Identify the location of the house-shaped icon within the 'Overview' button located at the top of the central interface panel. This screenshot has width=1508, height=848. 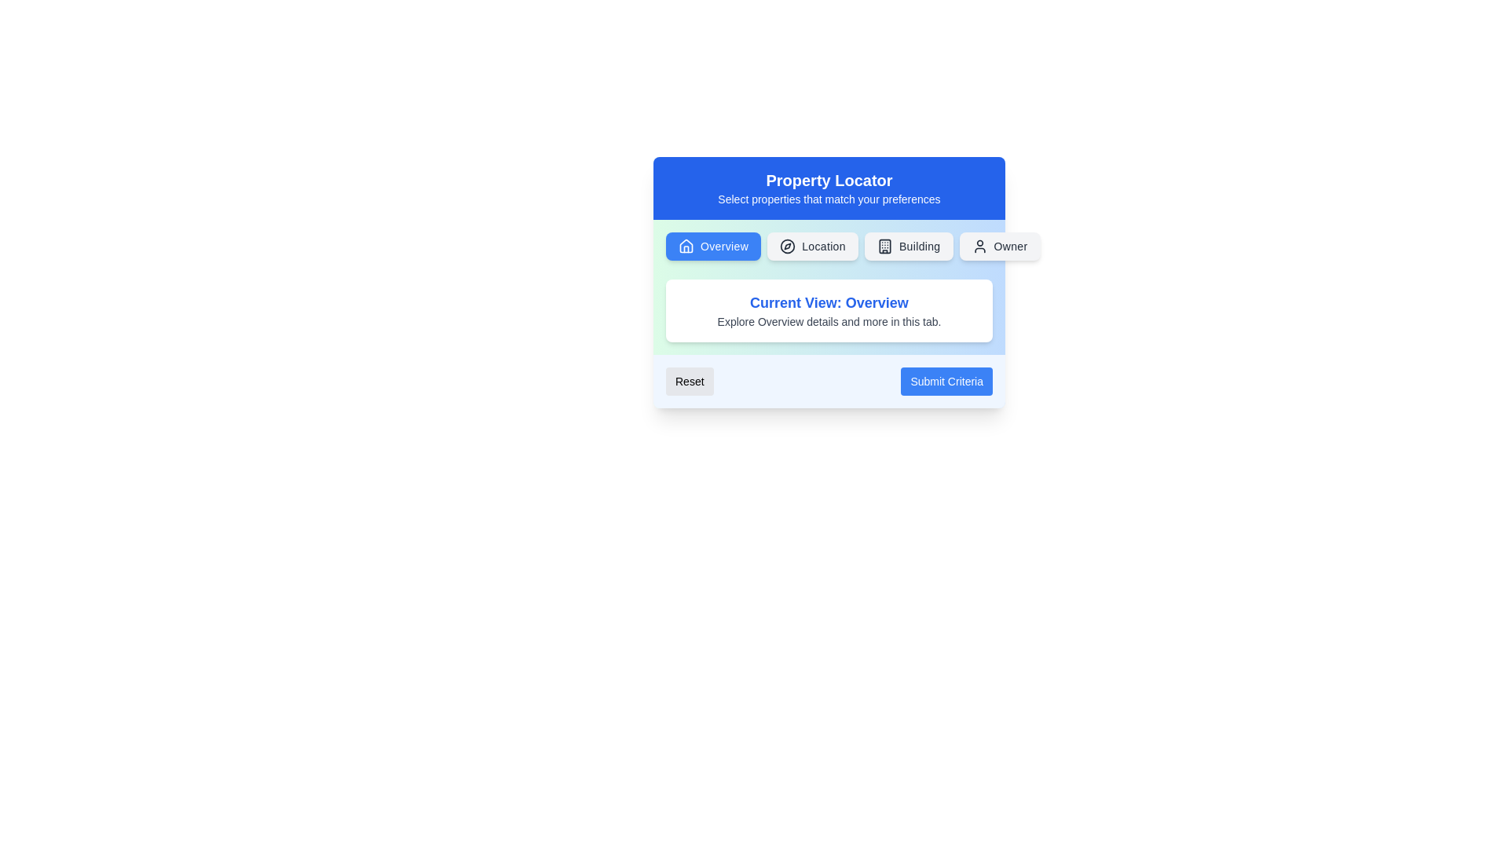
(686, 245).